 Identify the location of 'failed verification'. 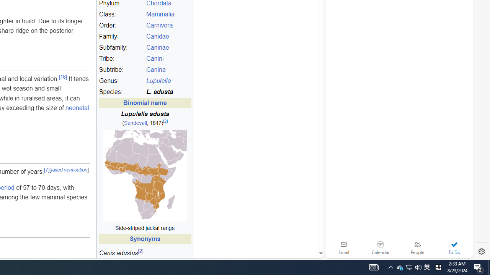
(69, 169).